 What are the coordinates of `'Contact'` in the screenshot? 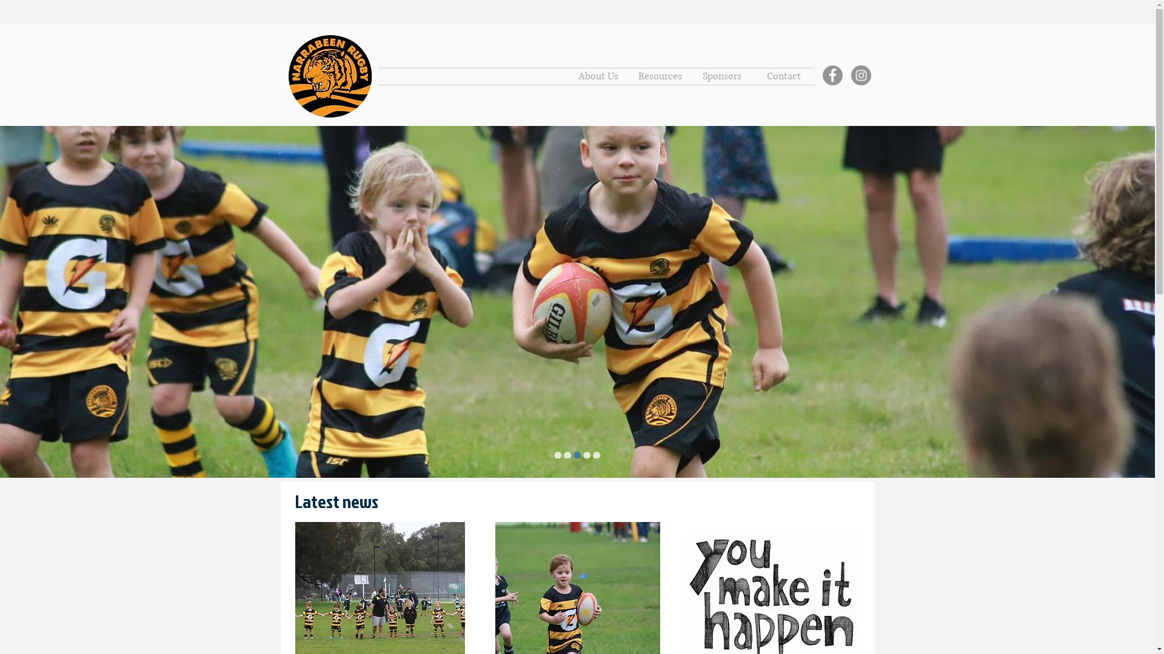 It's located at (783, 76).